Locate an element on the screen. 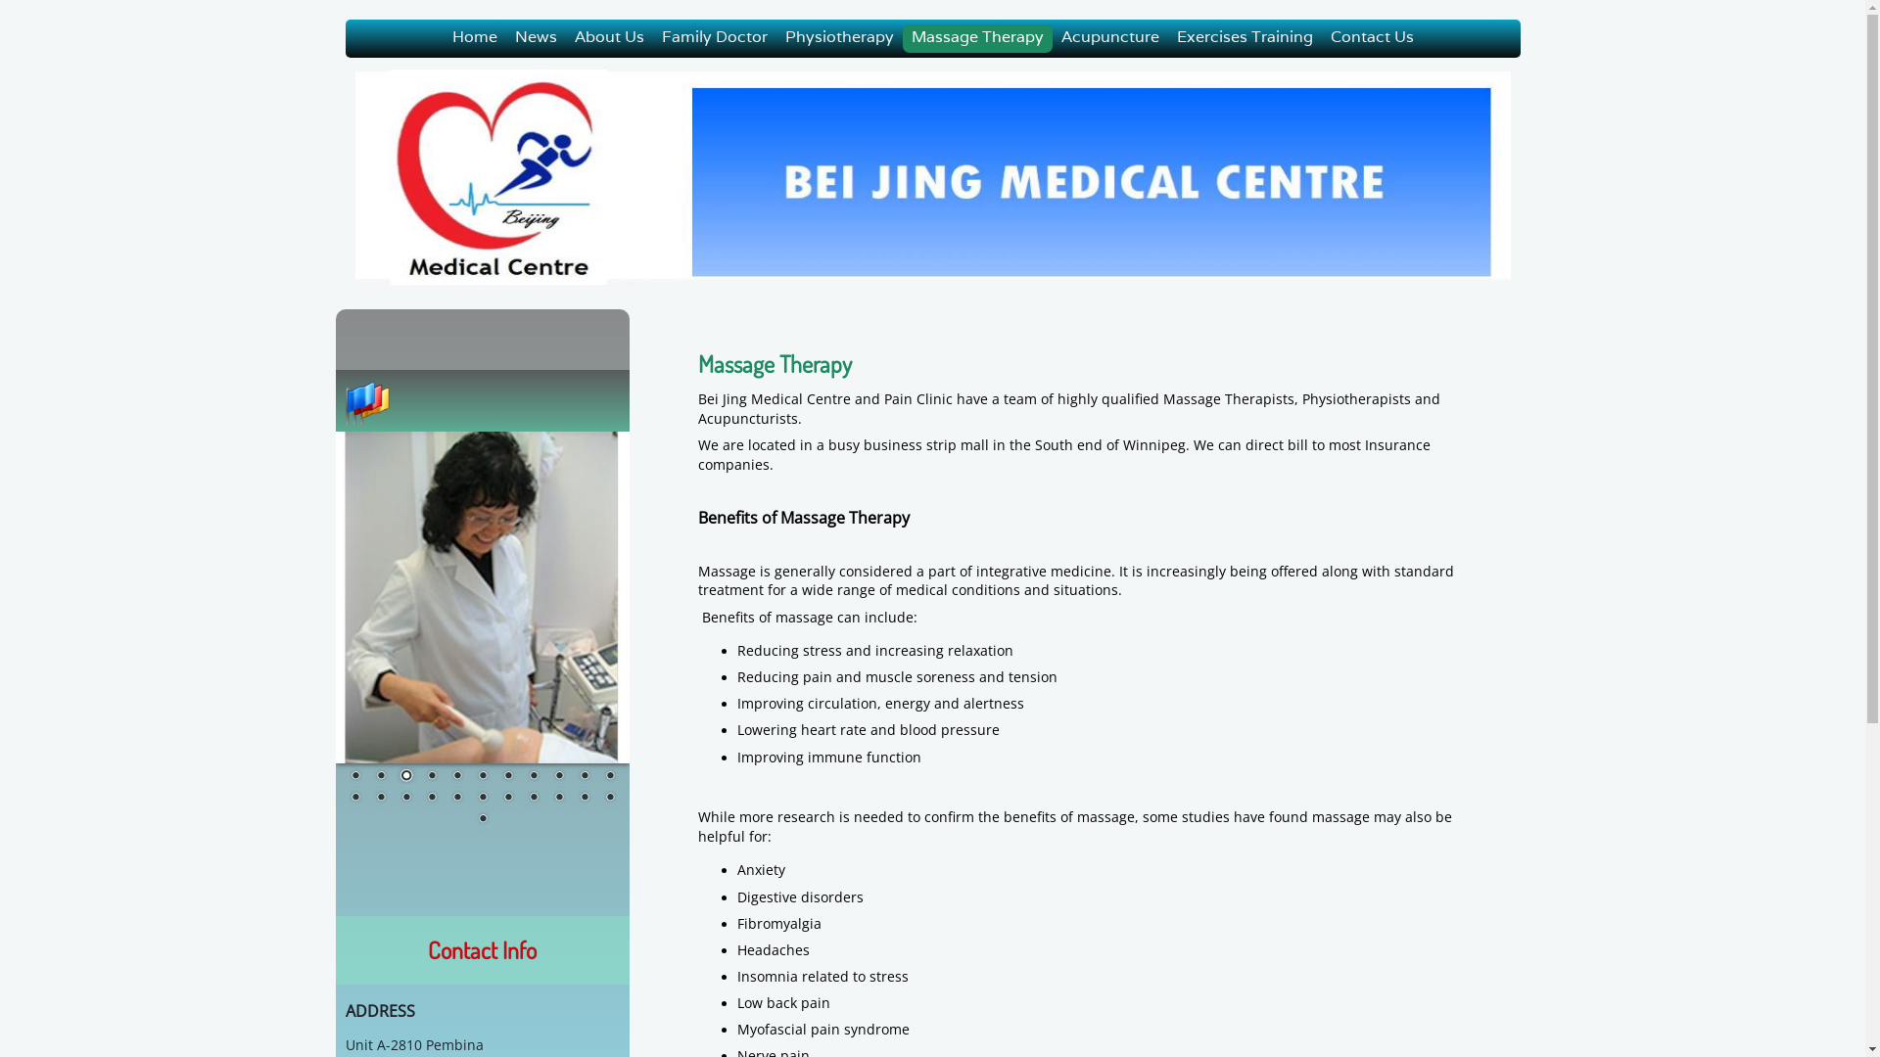  'Physiotherapy' is located at coordinates (838, 38).